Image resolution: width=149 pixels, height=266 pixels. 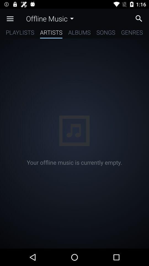 What do you see at coordinates (51, 33) in the screenshot?
I see `item to the right of playlists icon` at bounding box center [51, 33].